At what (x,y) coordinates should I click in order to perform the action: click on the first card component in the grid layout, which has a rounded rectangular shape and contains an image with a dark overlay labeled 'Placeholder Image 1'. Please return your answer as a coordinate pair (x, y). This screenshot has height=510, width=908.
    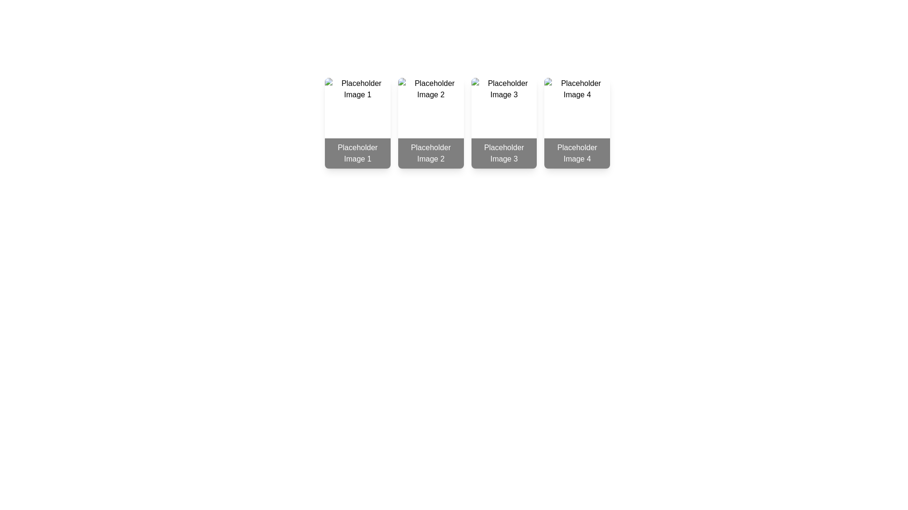
    Looking at the image, I should click on (357, 123).